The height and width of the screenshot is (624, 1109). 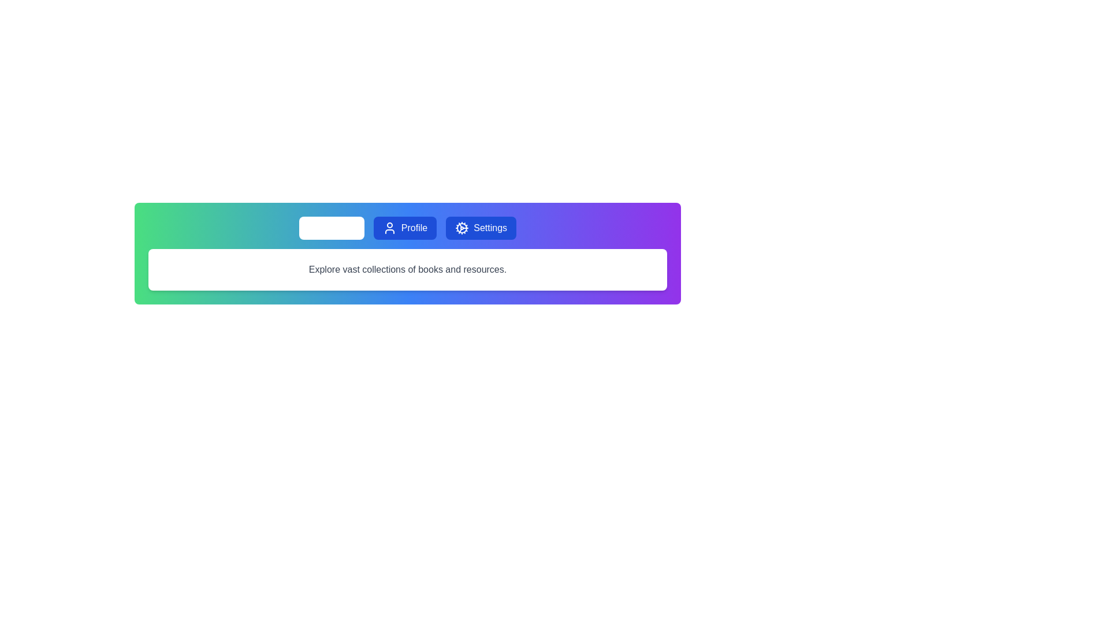 What do you see at coordinates (405, 228) in the screenshot?
I see `the Profile tab to reveal its hover styling effect` at bounding box center [405, 228].